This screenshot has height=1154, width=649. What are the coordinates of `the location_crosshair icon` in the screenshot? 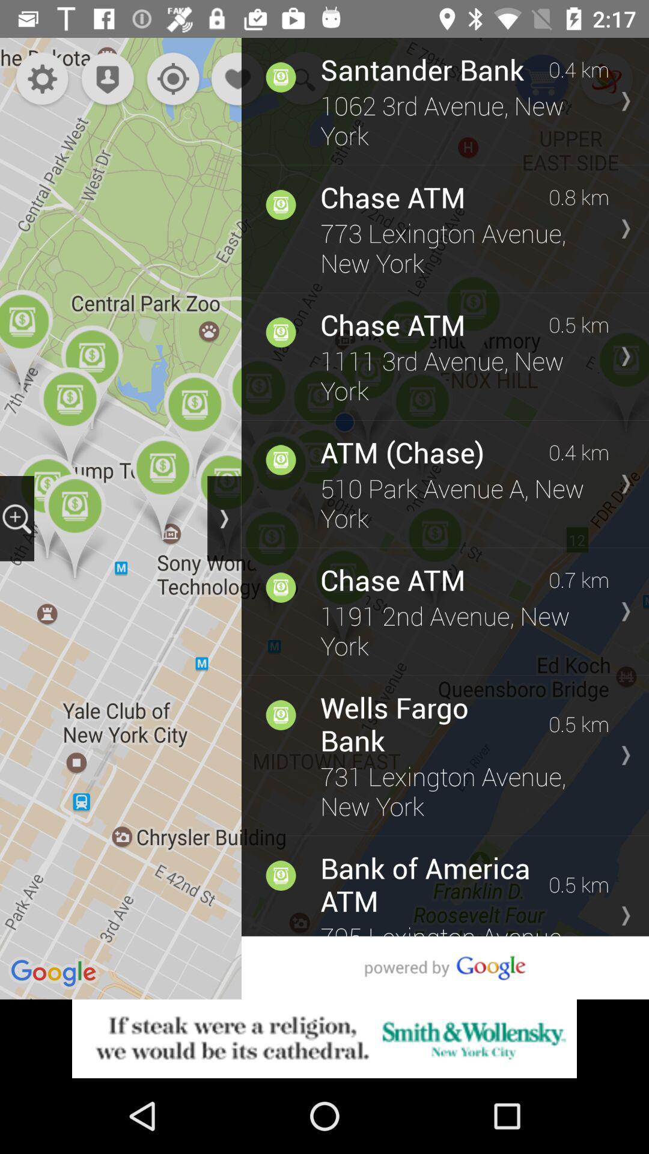 It's located at (170, 79).